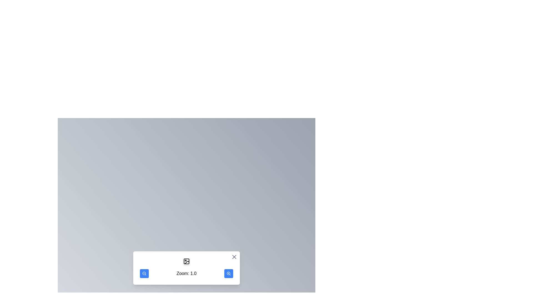 This screenshot has width=533, height=300. Describe the element at coordinates (234, 257) in the screenshot. I see `the diagonal cross-line vector graphic element forming part of the icon located in the top-right corner of the toolbar` at that location.